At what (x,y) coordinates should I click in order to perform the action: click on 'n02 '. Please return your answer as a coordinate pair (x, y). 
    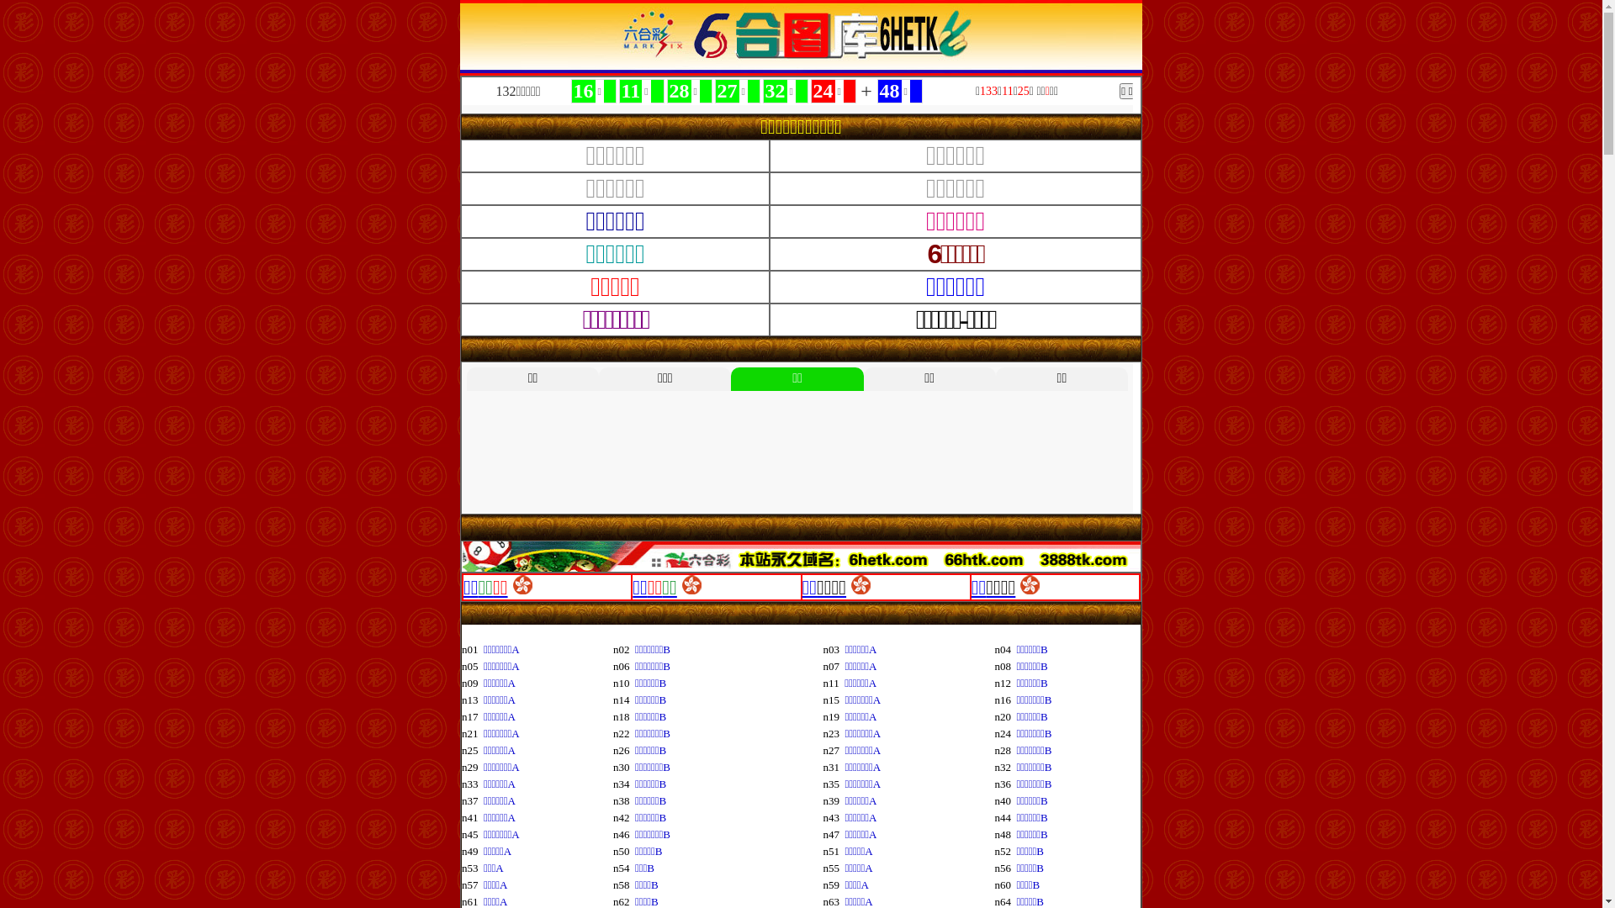
    Looking at the image, I should click on (623, 648).